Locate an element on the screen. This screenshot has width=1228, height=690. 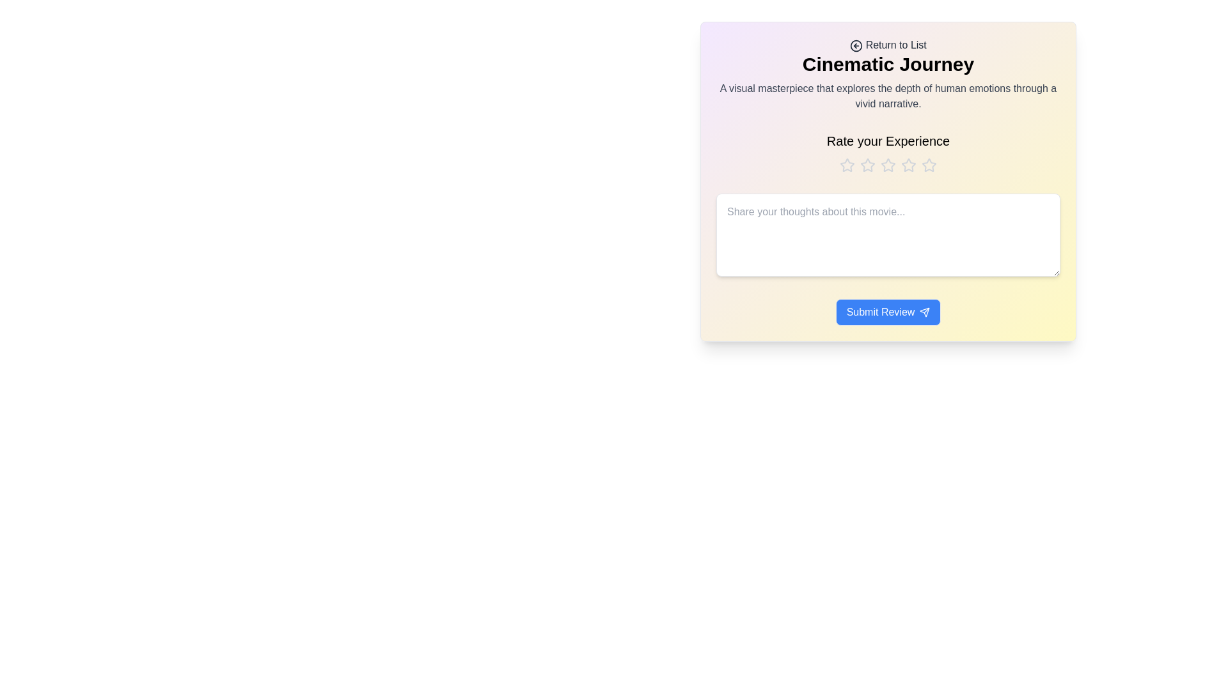
the second star icon in the rating system is located at coordinates (868, 164).